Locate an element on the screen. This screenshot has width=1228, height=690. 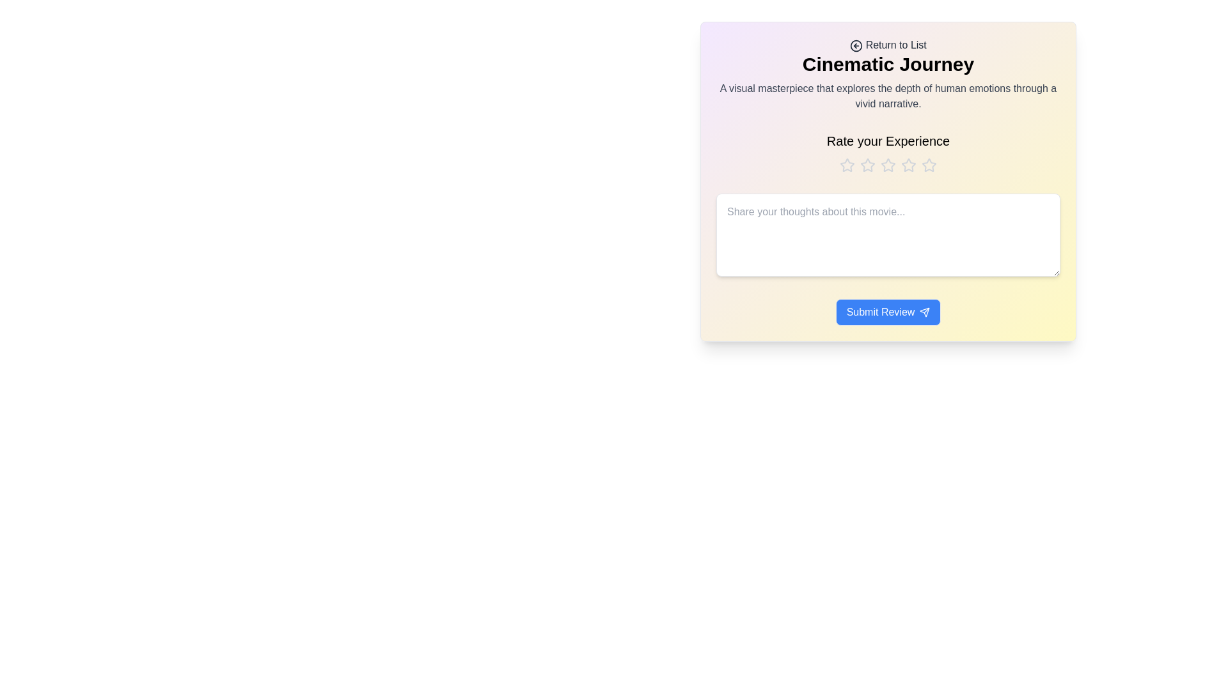
the second star icon in the rating system is located at coordinates (868, 164).